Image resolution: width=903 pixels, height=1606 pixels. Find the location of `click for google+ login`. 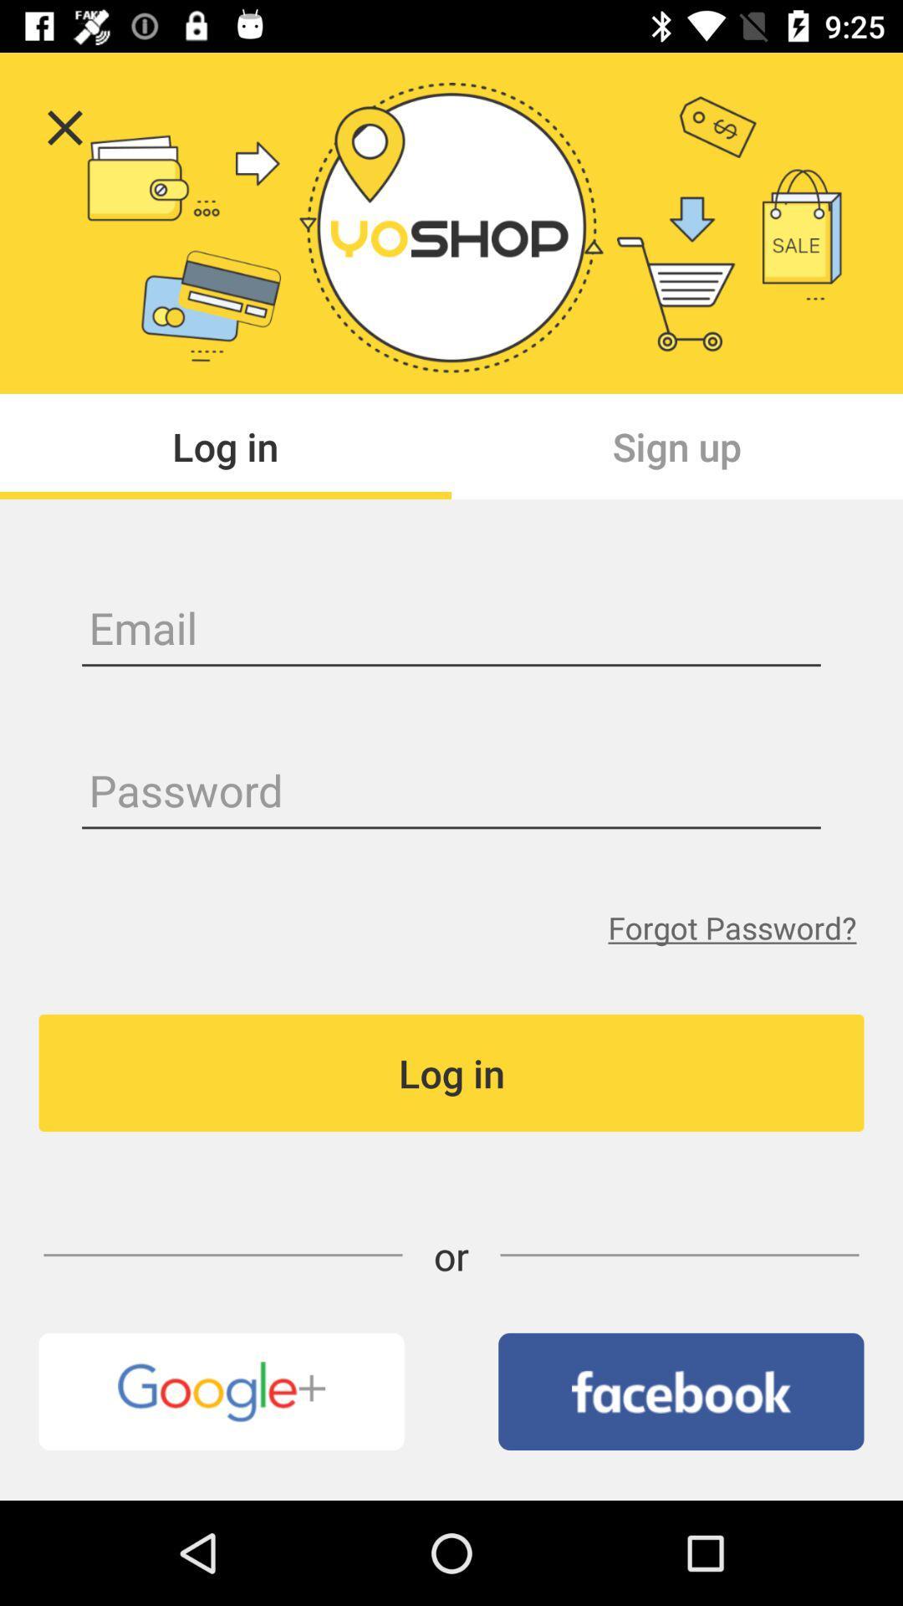

click for google+ login is located at coordinates (221, 1391).